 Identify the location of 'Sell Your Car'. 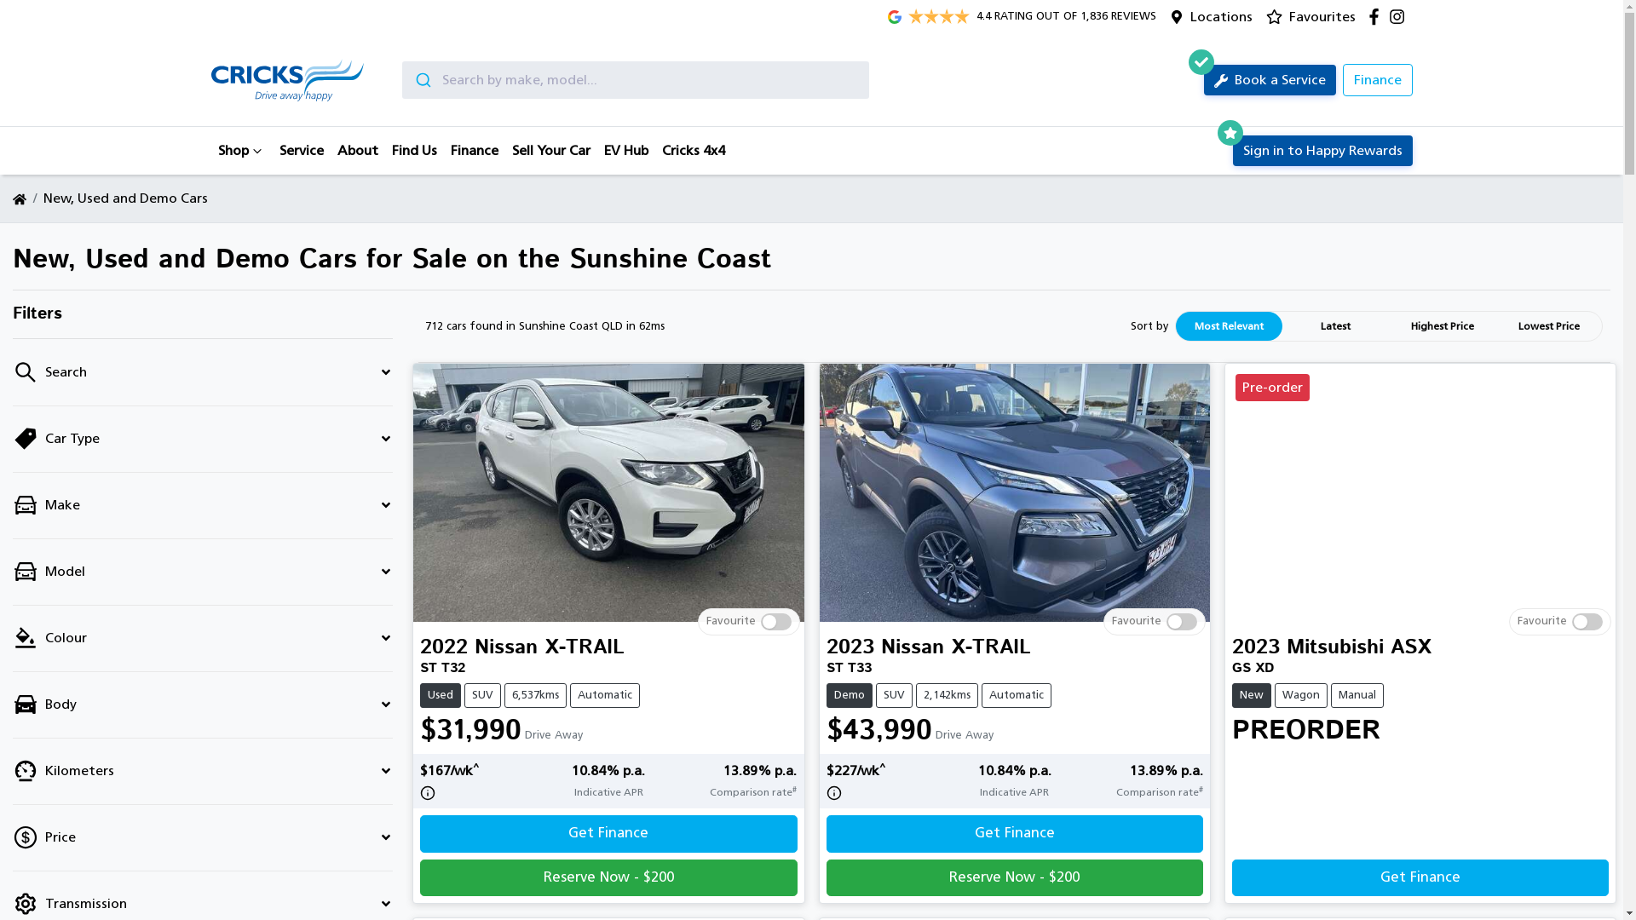
(503, 150).